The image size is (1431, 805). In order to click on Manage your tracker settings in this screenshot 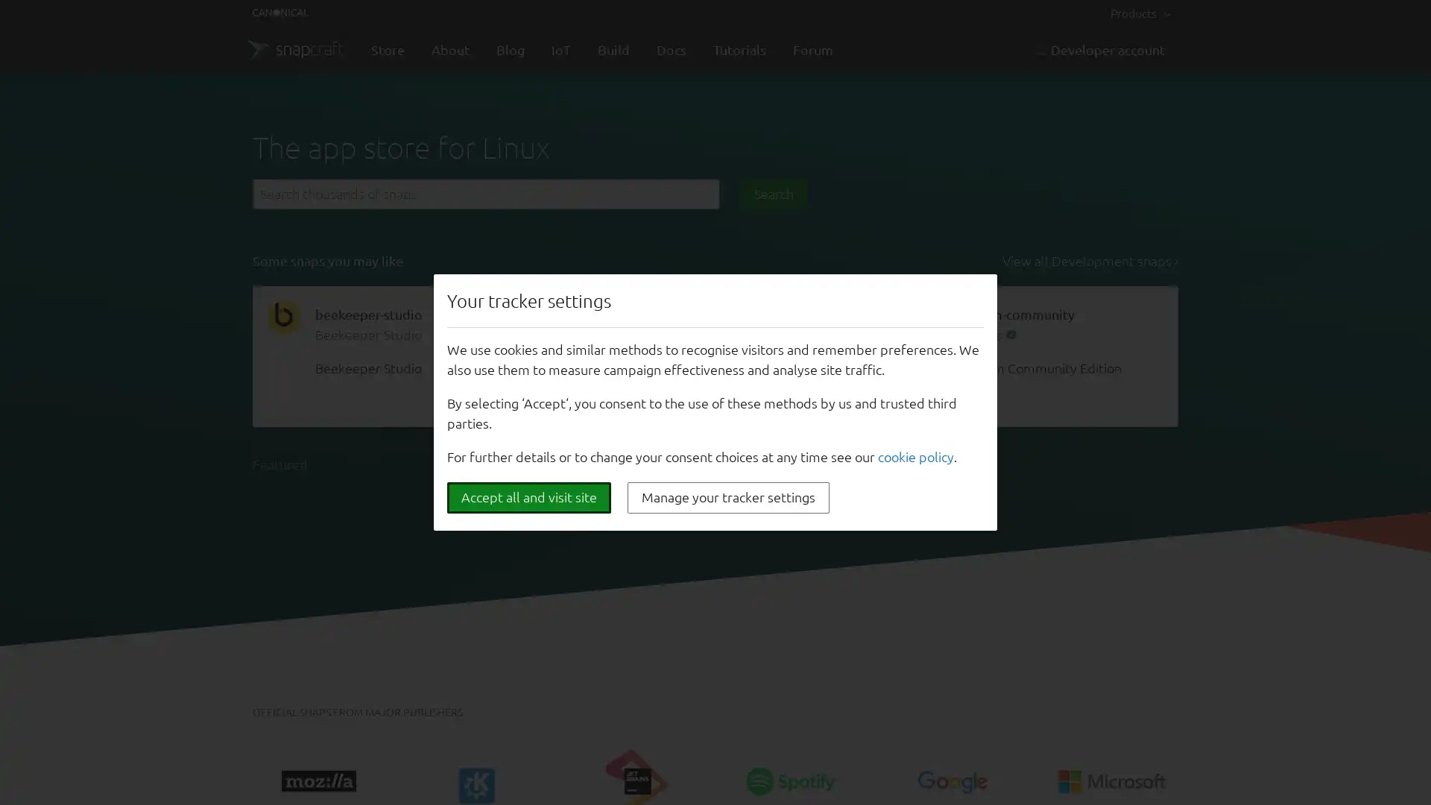, I will do `click(728, 497)`.